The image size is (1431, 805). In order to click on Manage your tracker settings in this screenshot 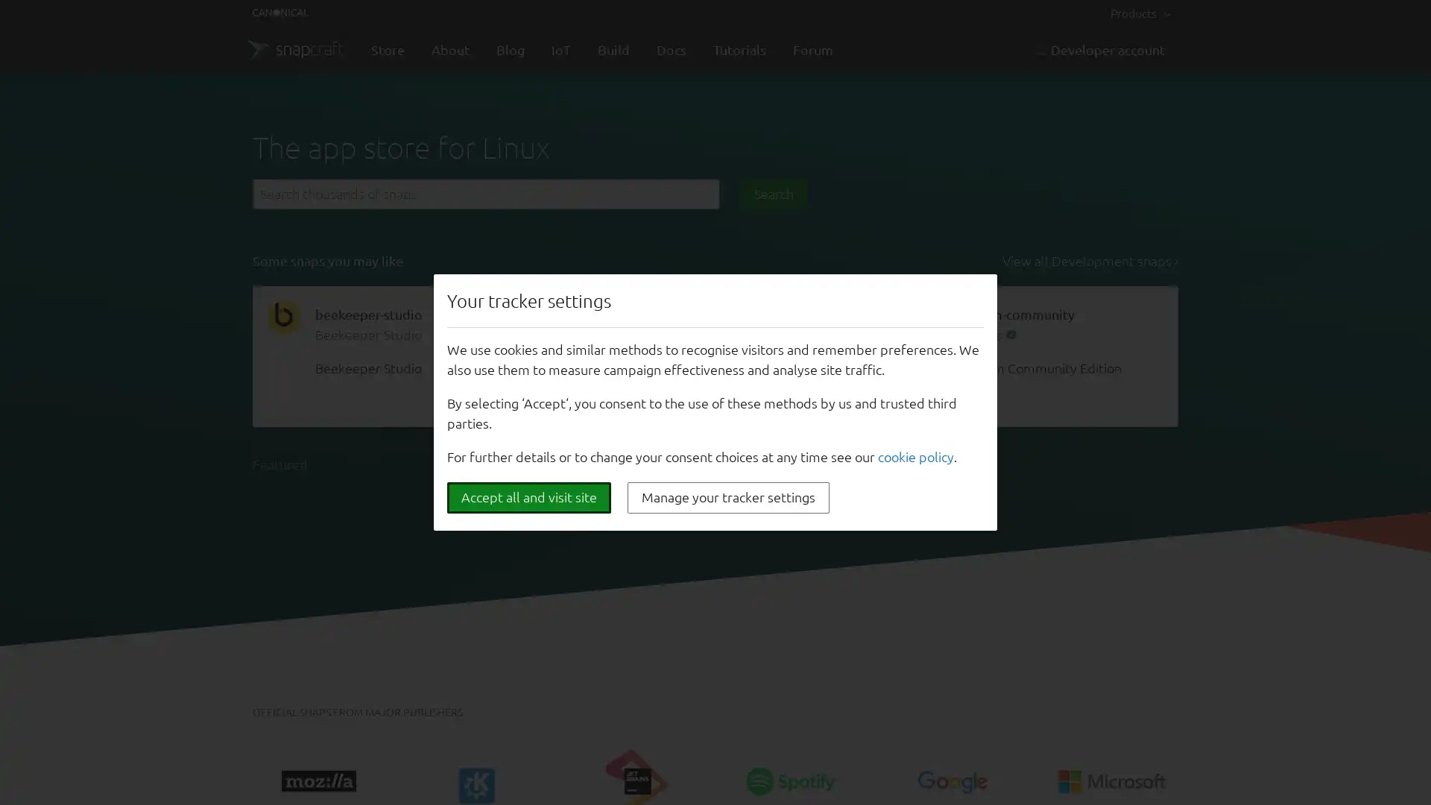, I will do `click(728, 497)`.